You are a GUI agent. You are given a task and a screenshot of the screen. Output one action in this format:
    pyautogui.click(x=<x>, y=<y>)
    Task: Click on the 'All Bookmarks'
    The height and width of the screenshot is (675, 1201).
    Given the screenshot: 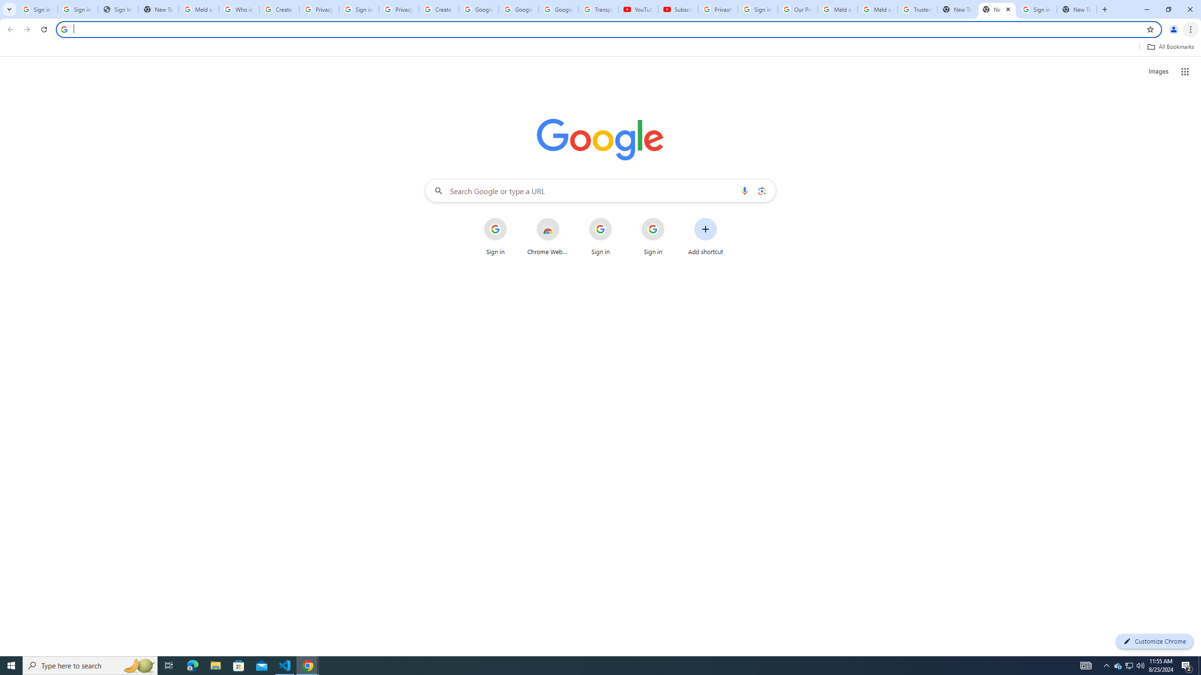 What is the action you would take?
    pyautogui.click(x=1170, y=46)
    